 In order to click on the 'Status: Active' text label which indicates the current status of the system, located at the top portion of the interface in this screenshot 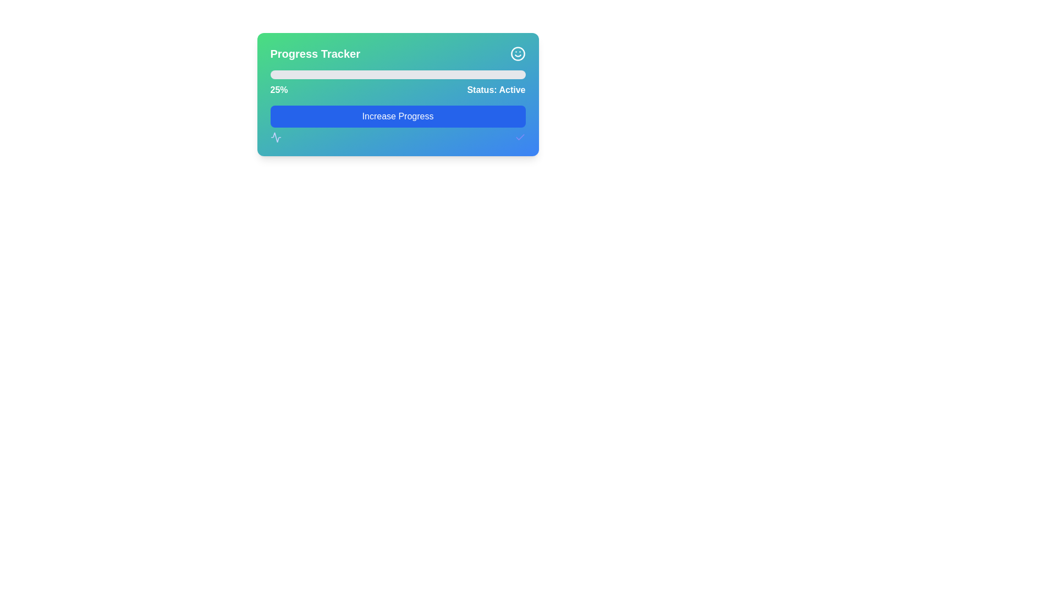, I will do `click(496, 90)`.